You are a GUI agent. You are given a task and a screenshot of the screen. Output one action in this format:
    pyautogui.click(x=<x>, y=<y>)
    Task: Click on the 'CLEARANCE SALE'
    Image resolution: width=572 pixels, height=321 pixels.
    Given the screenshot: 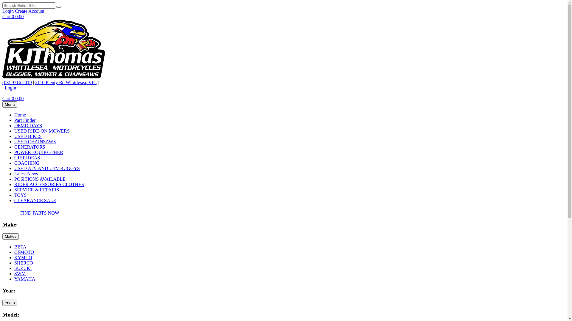 What is the action you would take?
    pyautogui.click(x=35, y=200)
    